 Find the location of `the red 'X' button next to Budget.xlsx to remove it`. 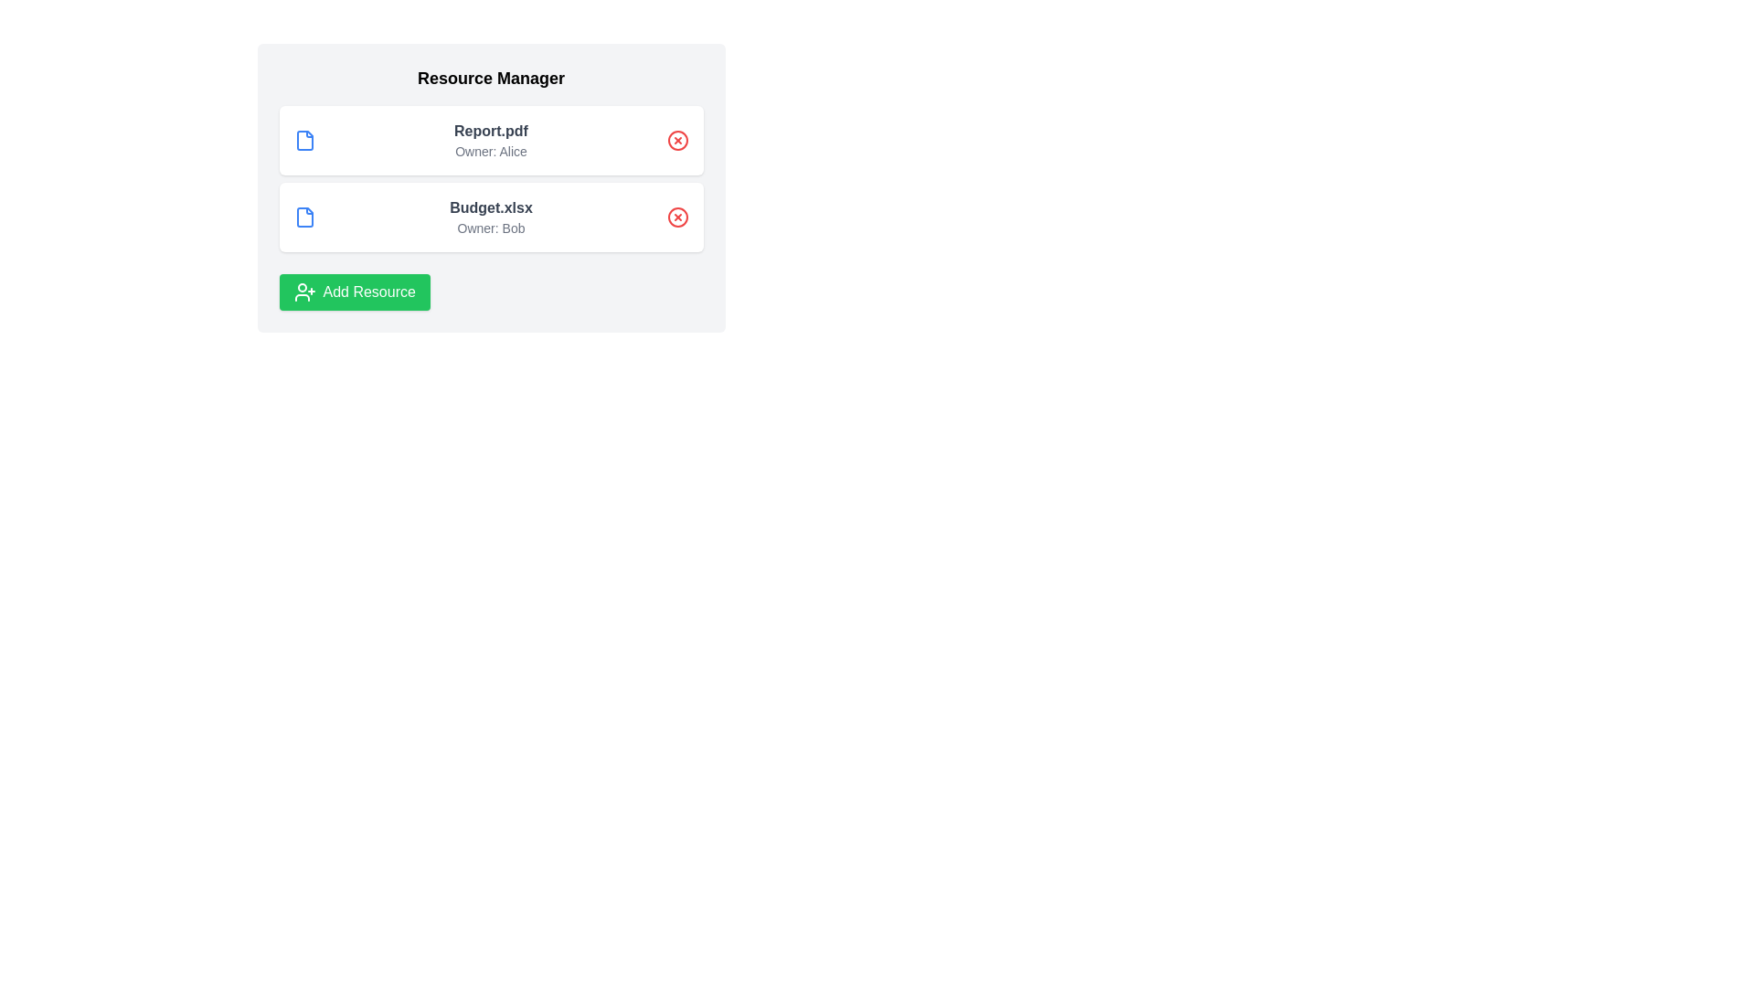

the red 'X' button next to Budget.xlsx to remove it is located at coordinates (676, 217).